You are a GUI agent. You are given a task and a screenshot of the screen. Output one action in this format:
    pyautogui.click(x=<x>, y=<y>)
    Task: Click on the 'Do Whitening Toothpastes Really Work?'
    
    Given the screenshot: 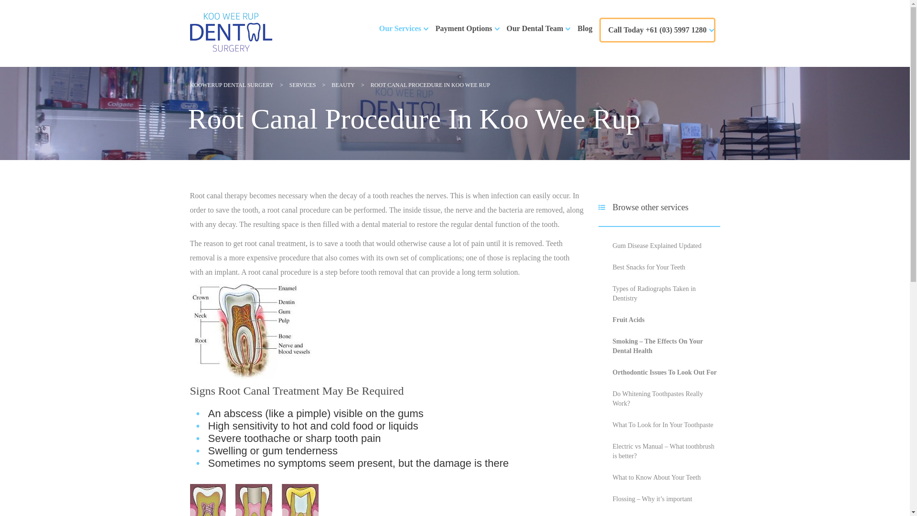 What is the action you would take?
    pyautogui.click(x=657, y=398)
    